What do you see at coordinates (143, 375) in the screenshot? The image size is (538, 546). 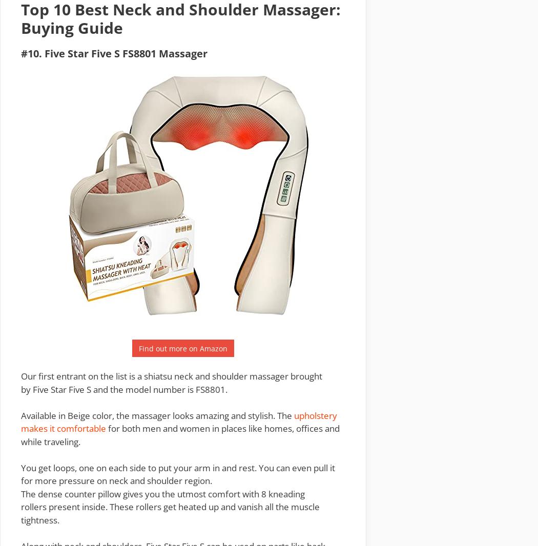 I see `'shiatsu neck and shoulder massager'` at bounding box center [143, 375].